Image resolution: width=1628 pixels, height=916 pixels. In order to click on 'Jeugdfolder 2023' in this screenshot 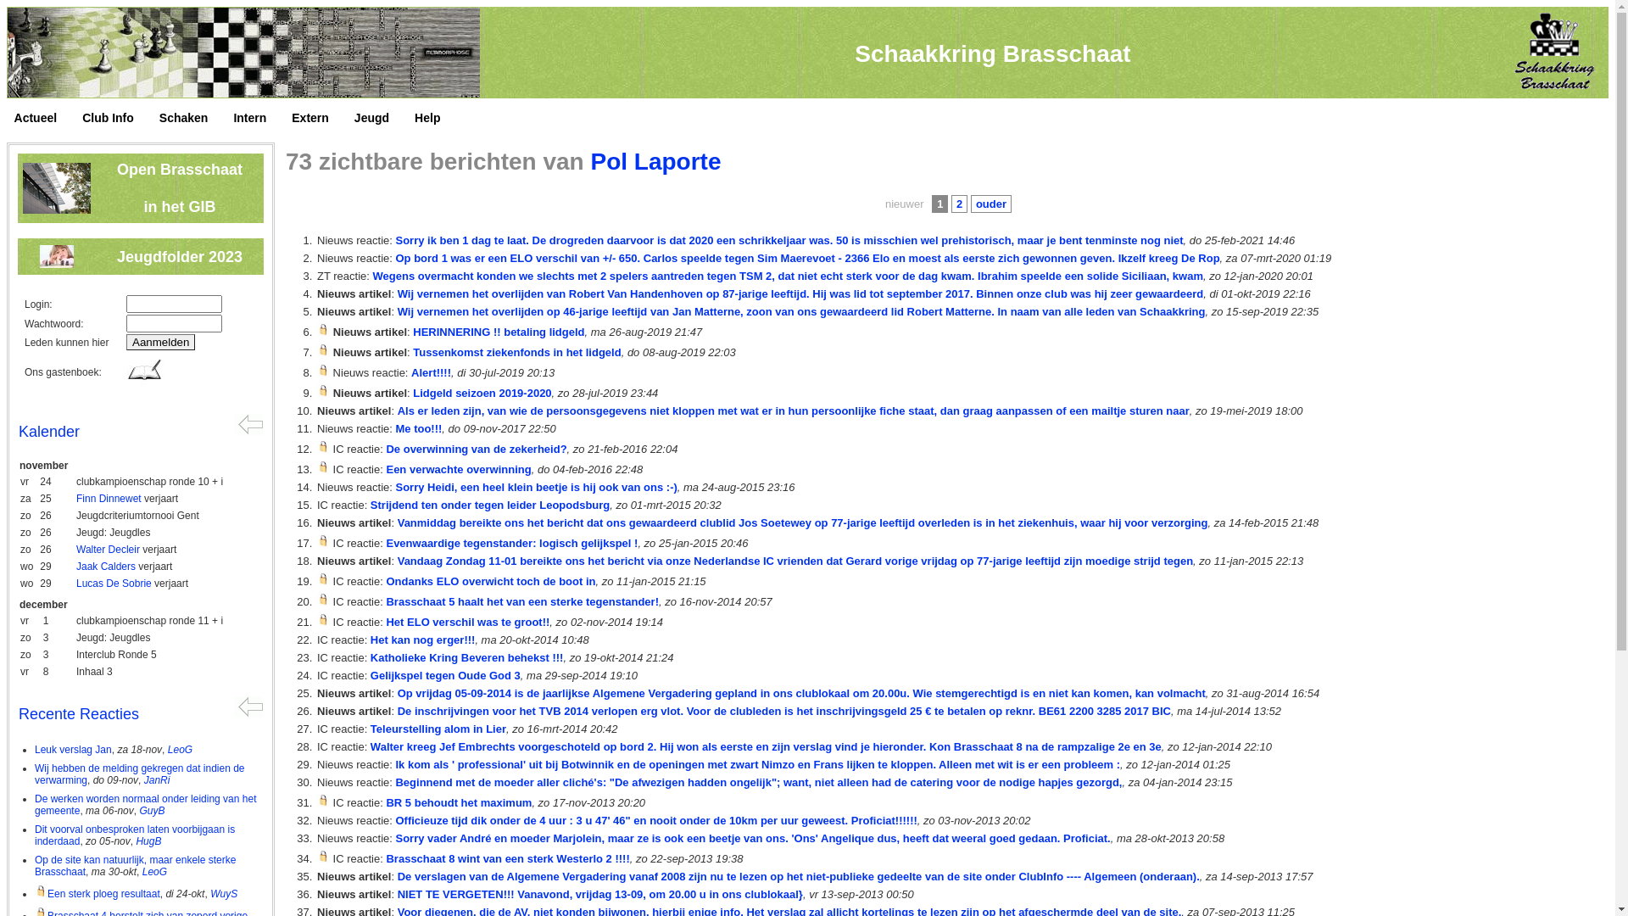, I will do `click(179, 257)`.